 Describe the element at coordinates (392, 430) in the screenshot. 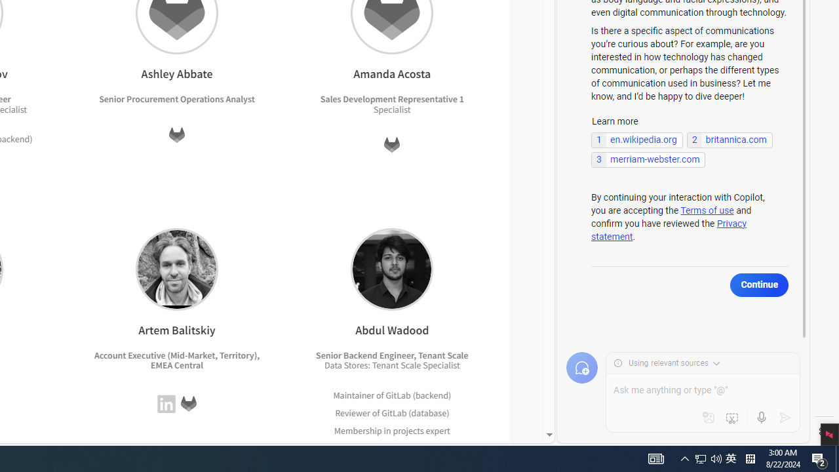

I see `'Membership in projects expert'` at that location.